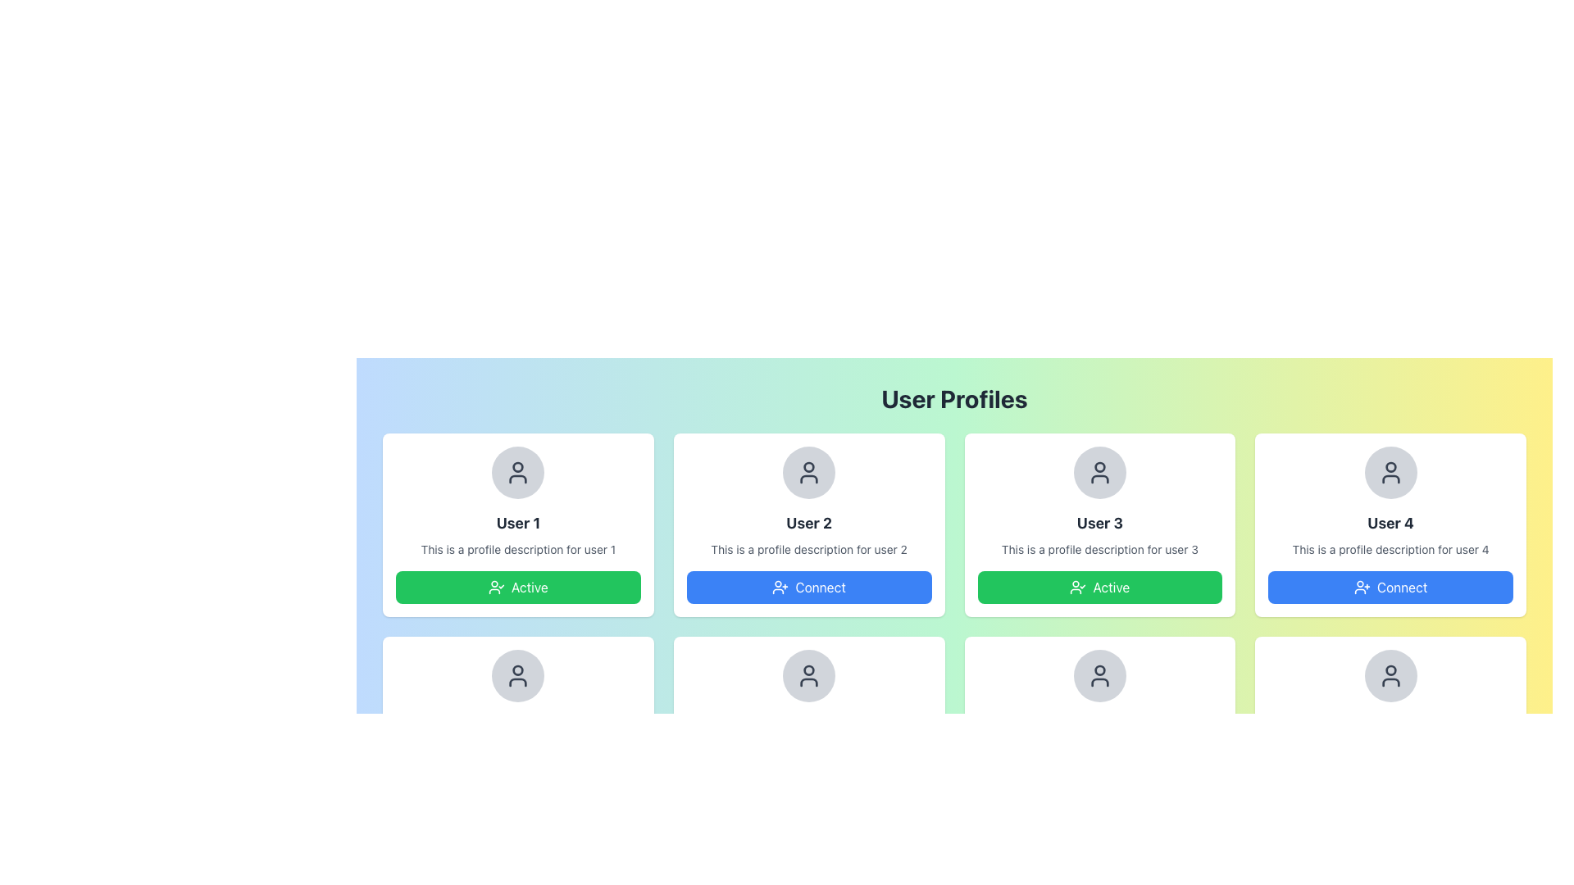 Image resolution: width=1574 pixels, height=885 pixels. Describe the element at coordinates (1390, 670) in the screenshot. I see `the user profile icon representing the head aspect in the 'User 4' section located at the bottom right corner of the interface` at that location.